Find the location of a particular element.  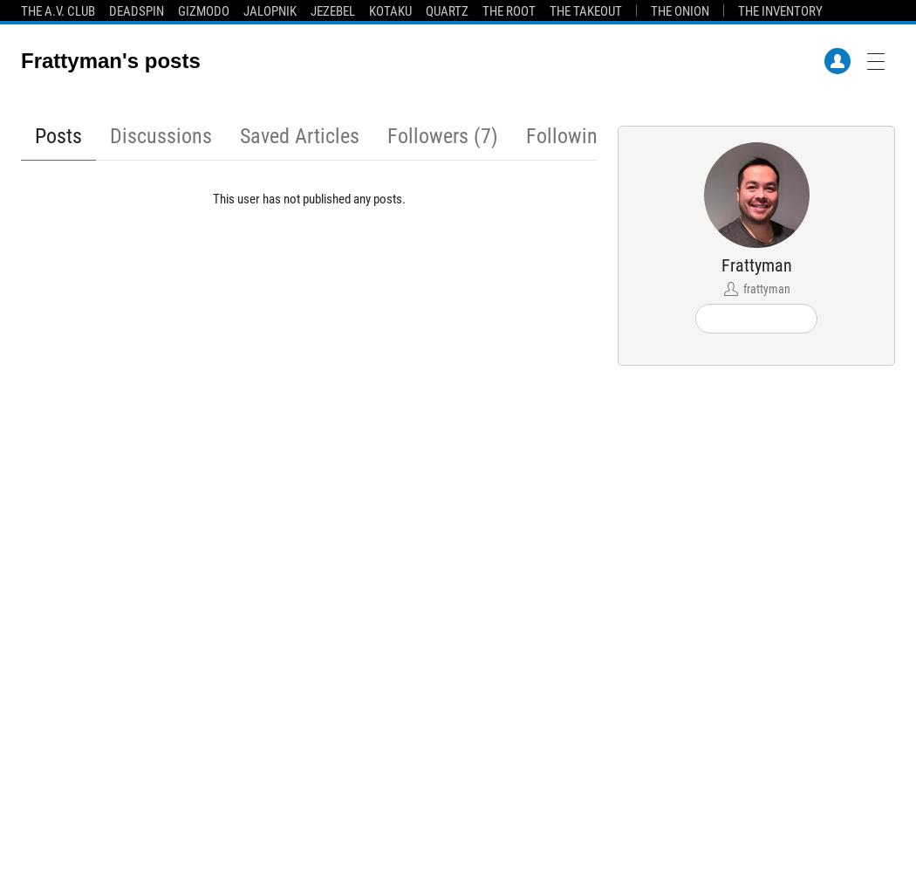

'The Inventory' is located at coordinates (779, 11).